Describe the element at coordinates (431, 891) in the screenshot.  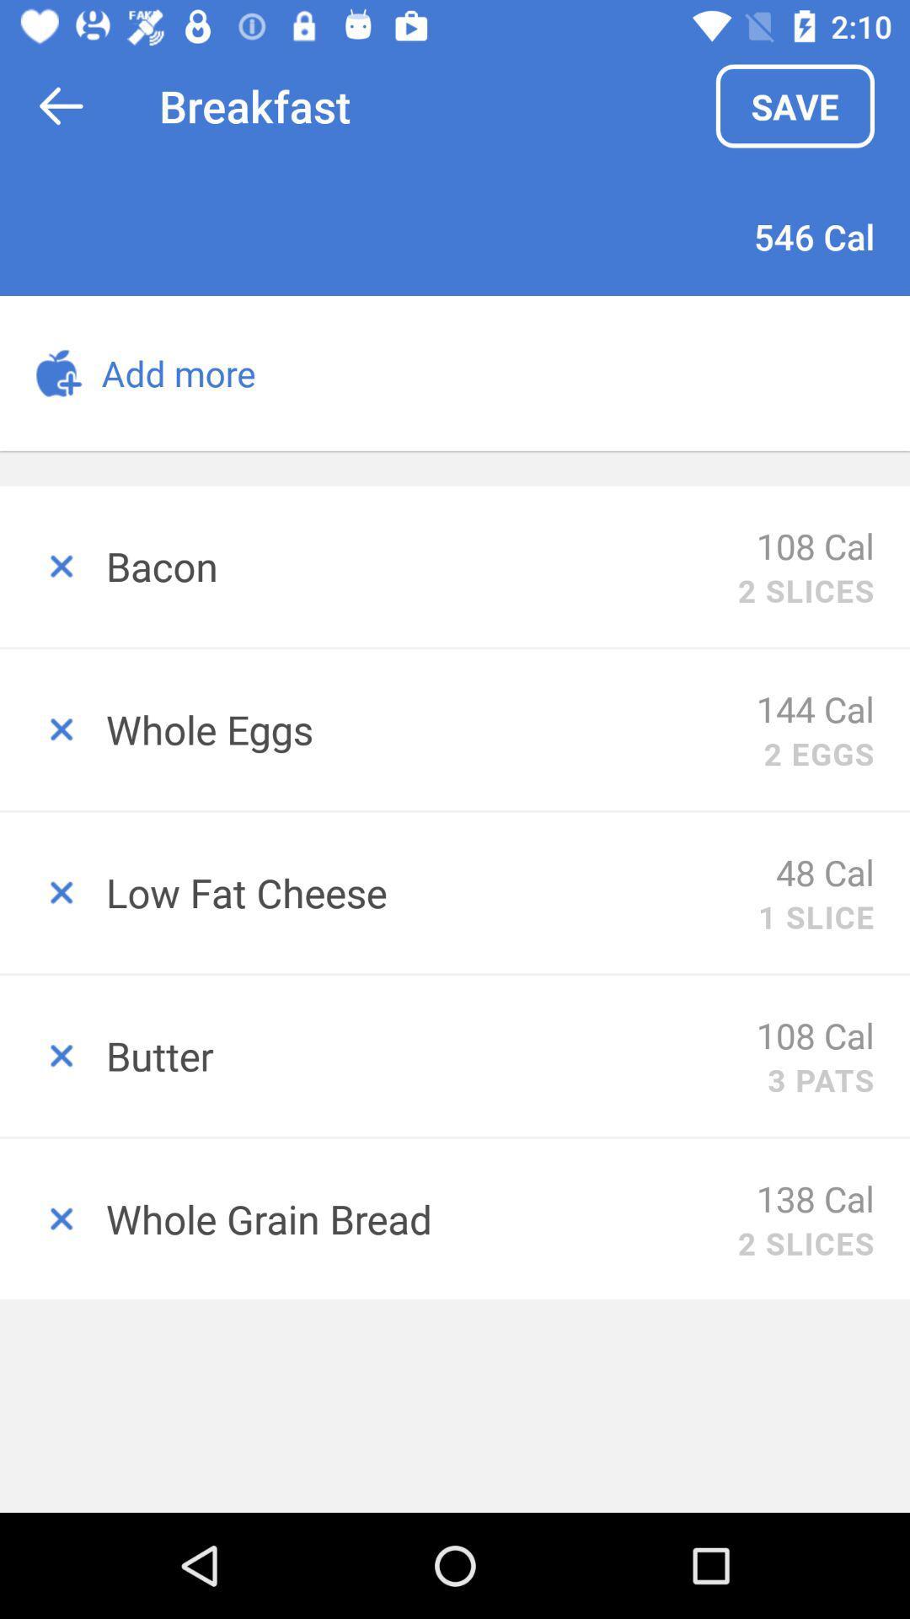
I see `the low fat cheese` at that location.